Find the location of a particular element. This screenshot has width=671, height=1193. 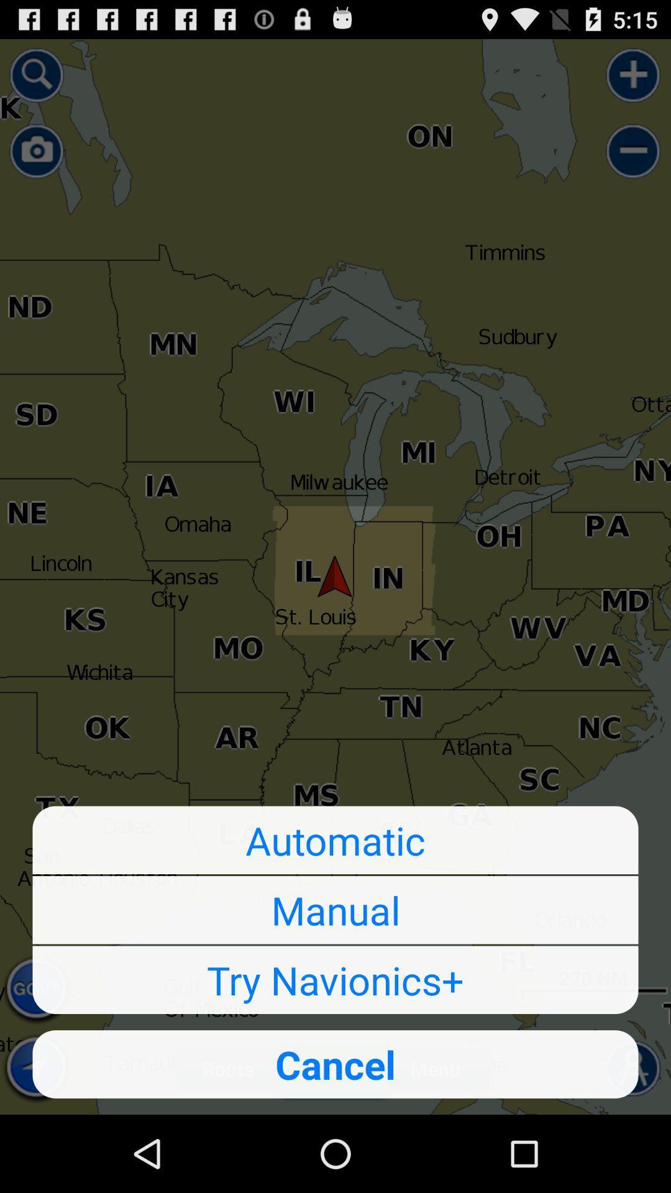

the try navionics+ is located at coordinates (335, 979).